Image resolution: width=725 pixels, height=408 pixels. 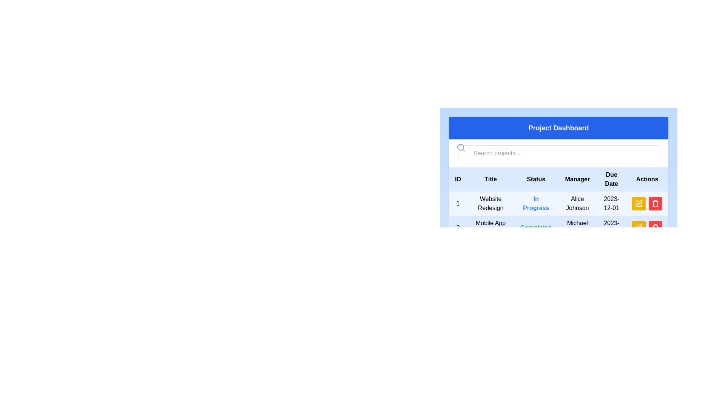 What do you see at coordinates (535, 179) in the screenshot?
I see `the 'Status' column header in the table, which is the third header in a row of six, positioned between the 'Title' and 'Manager' columns` at bounding box center [535, 179].